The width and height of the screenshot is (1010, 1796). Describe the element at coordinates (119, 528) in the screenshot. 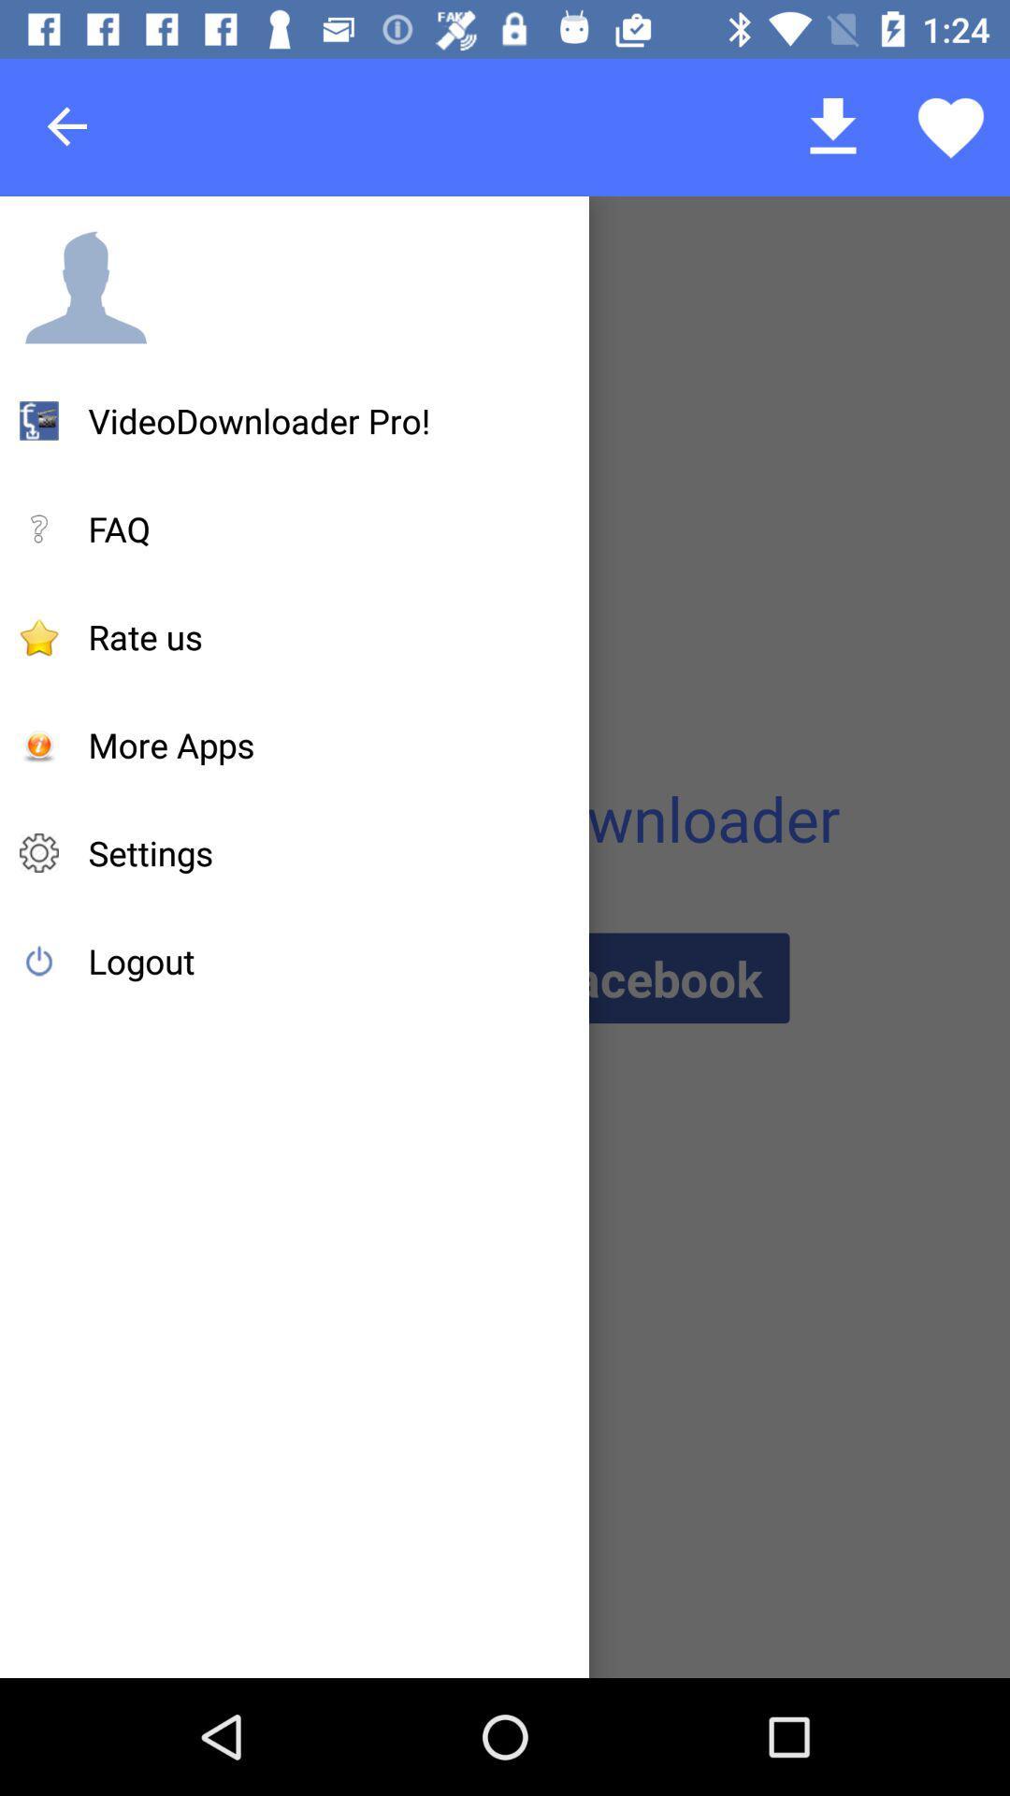

I see `the faq item` at that location.